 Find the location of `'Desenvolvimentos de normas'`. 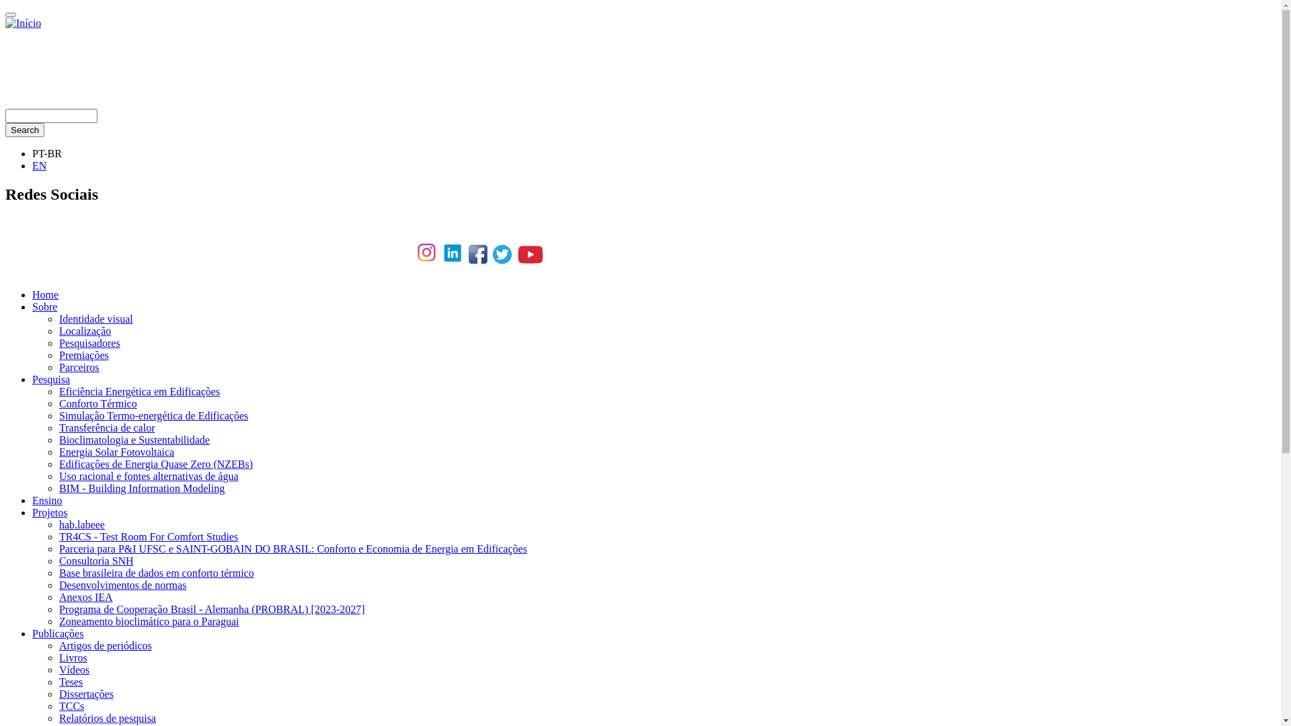

'Desenvolvimentos de normas' is located at coordinates (58, 584).